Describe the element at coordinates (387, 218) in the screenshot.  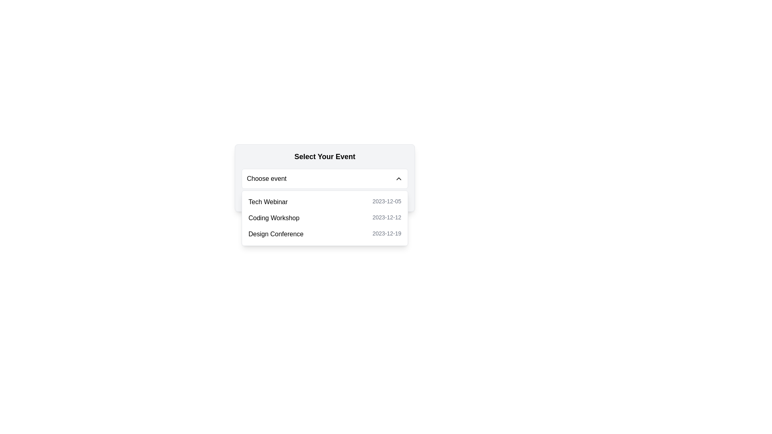
I see `the text label displaying the date '2023-12-12', which is aligned with the event 'Coding Workshop' and part of a list of events` at that location.